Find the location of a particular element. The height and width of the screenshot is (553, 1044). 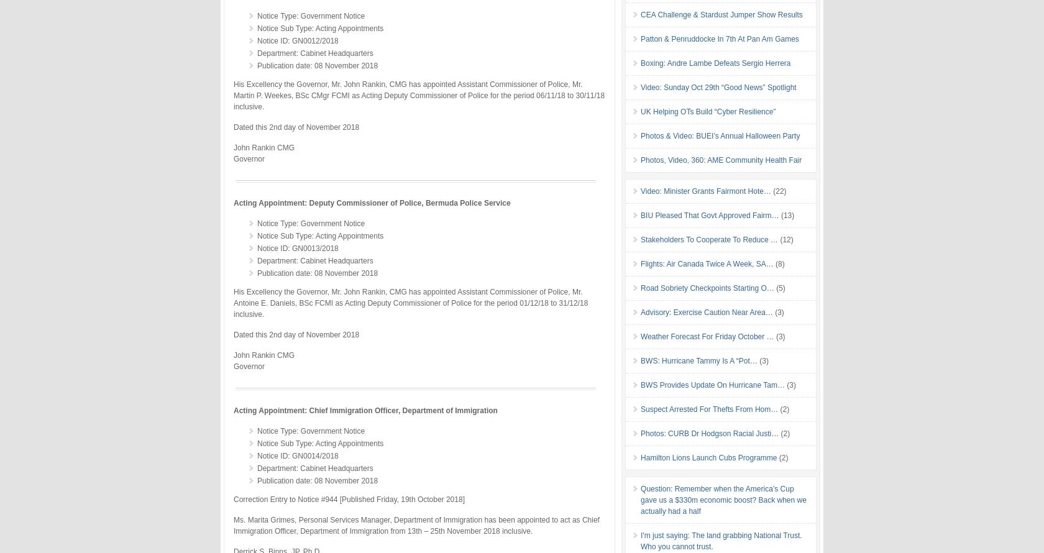

'Ms. Marita Grimes, Personal Services Manager, Department of Immigration has been appointed to act as Chief Immigration Officer, Department of Immigration from 13th – 25th November 2018 inclusive.' is located at coordinates (416, 524).